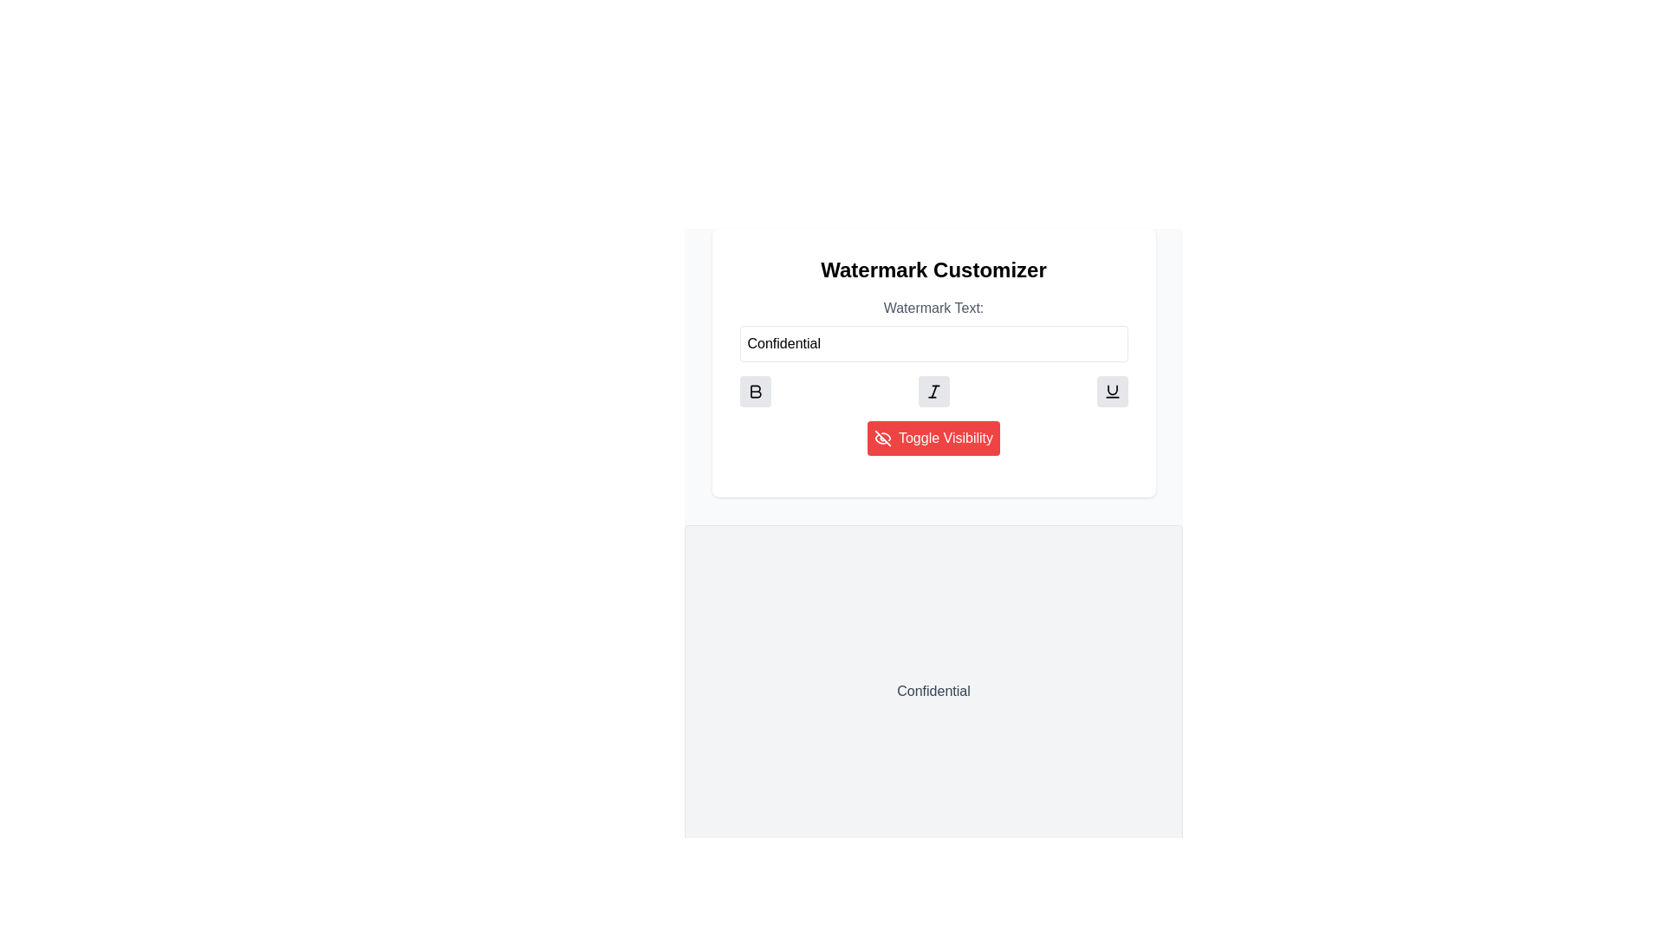 Image resolution: width=1664 pixels, height=936 pixels. Describe the element at coordinates (933, 391) in the screenshot. I see `the middle button in the formatting group that toggles italic styling for the watermark text input` at that location.